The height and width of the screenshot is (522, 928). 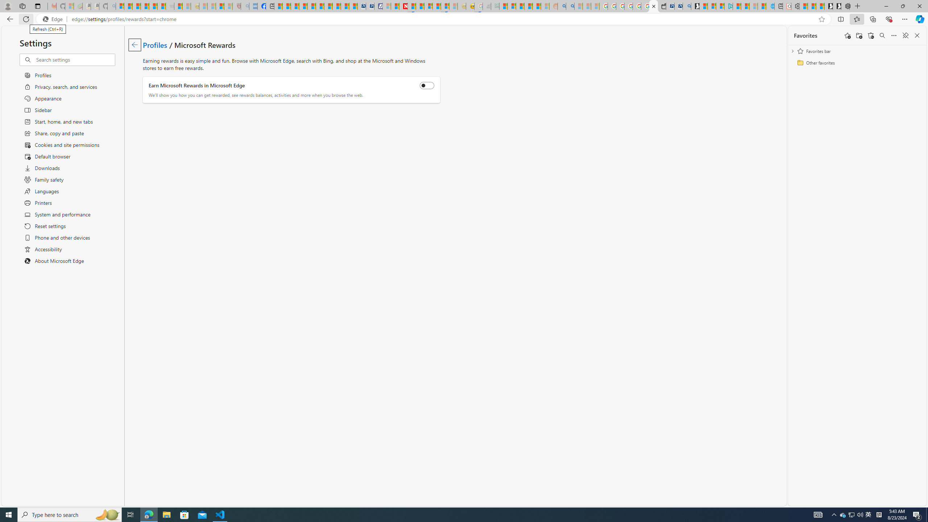 What do you see at coordinates (905, 35) in the screenshot?
I see `'Unpin favorites'` at bounding box center [905, 35].